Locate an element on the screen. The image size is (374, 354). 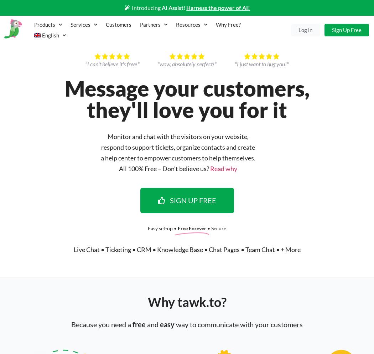
'"I just want to hug you!"' is located at coordinates (261, 63).